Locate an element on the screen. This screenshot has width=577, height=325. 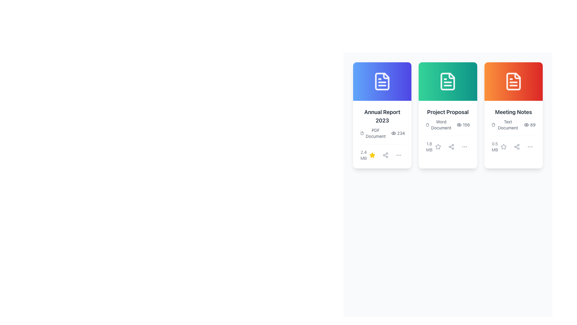
the document icon in the blue header area of the 'Annual Report 2023' card is located at coordinates (382, 81).